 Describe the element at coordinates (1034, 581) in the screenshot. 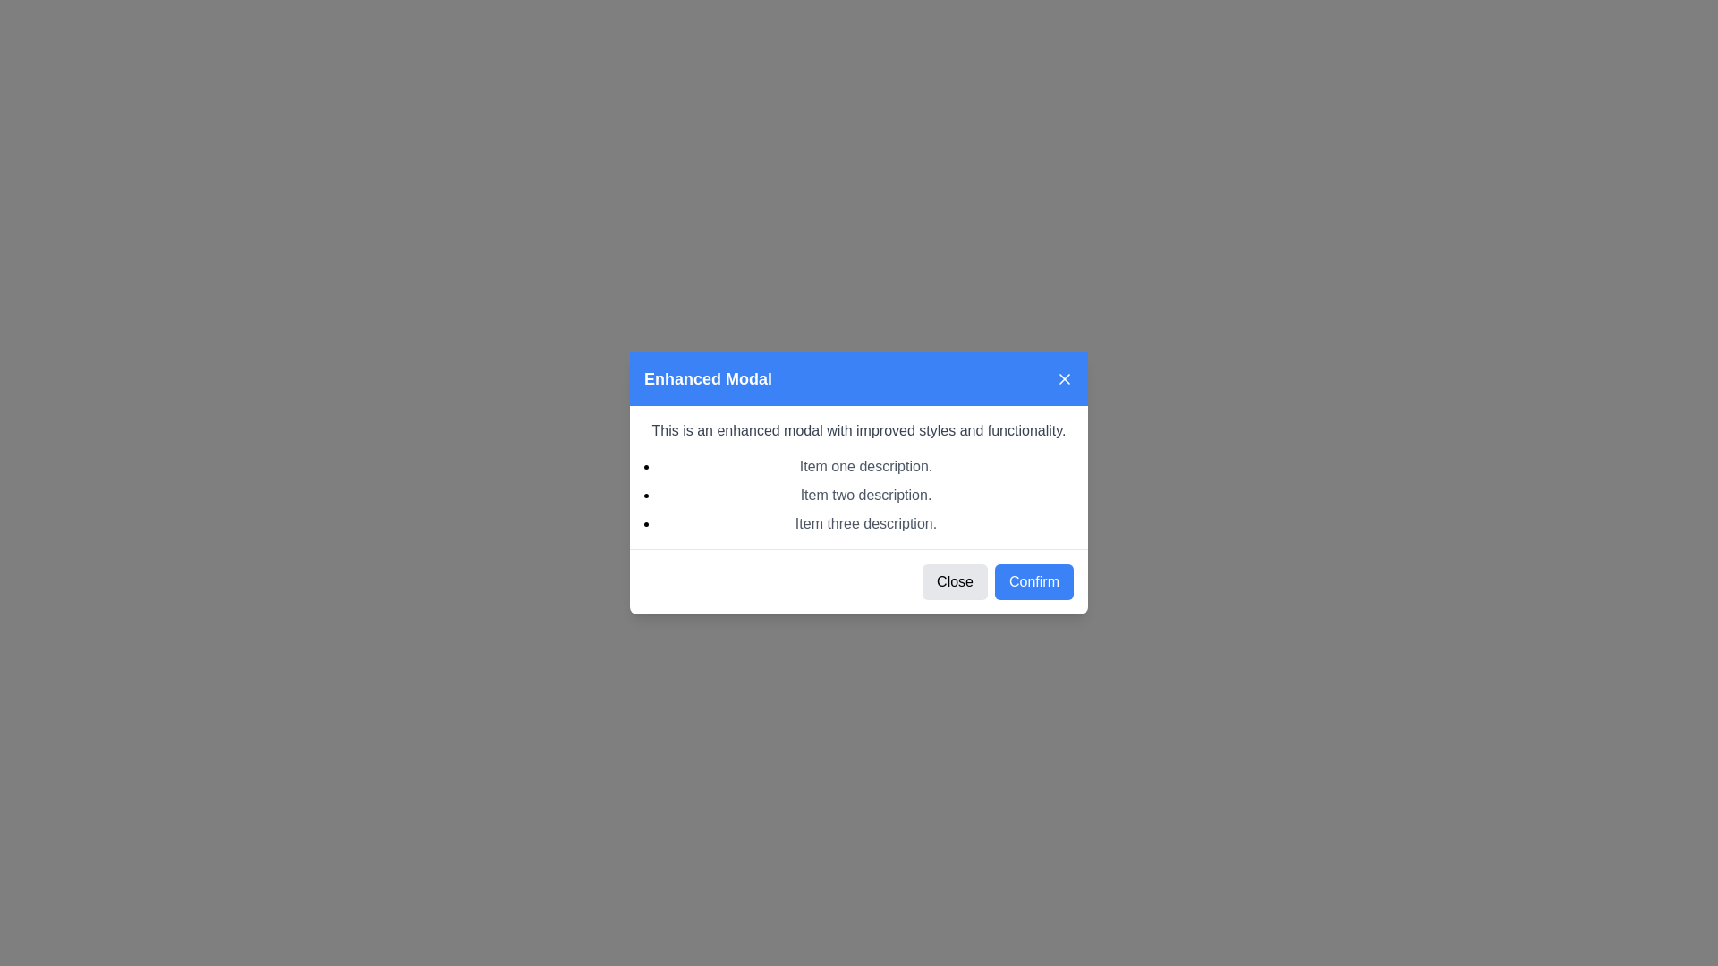

I see `the confirm button located at the bottom-right section of the modal dialog to change its color` at that location.